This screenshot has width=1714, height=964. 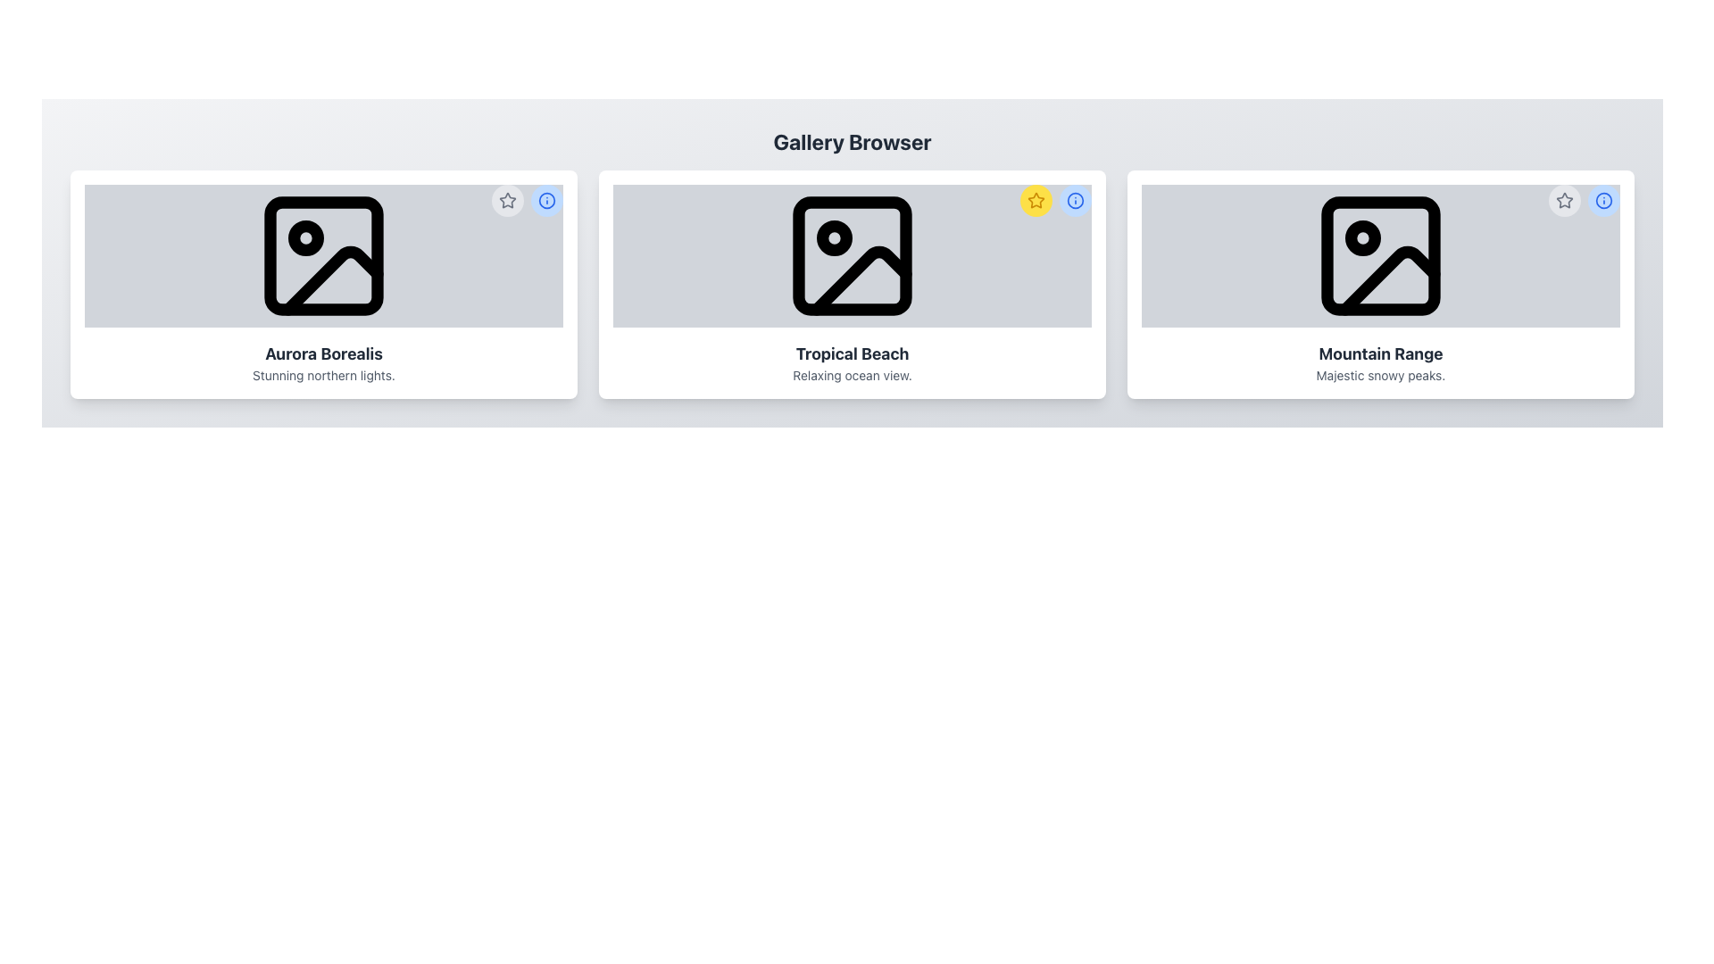 What do you see at coordinates (852, 374) in the screenshot?
I see `the text label providing descriptive information about the gallery item located below the title 'Tropical Beach' in the central card of the gallery interface` at bounding box center [852, 374].